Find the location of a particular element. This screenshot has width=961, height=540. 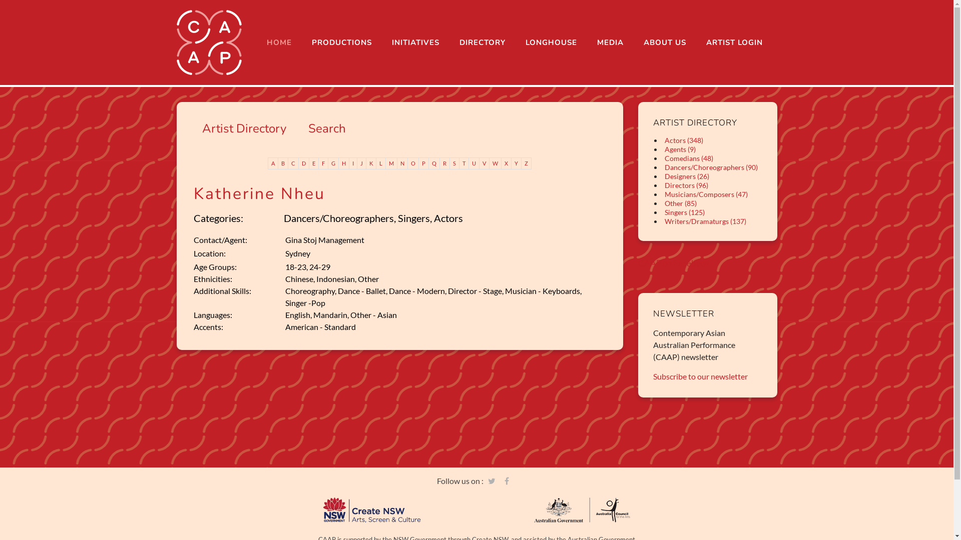

'Artist Directory' is located at coordinates (201, 128).